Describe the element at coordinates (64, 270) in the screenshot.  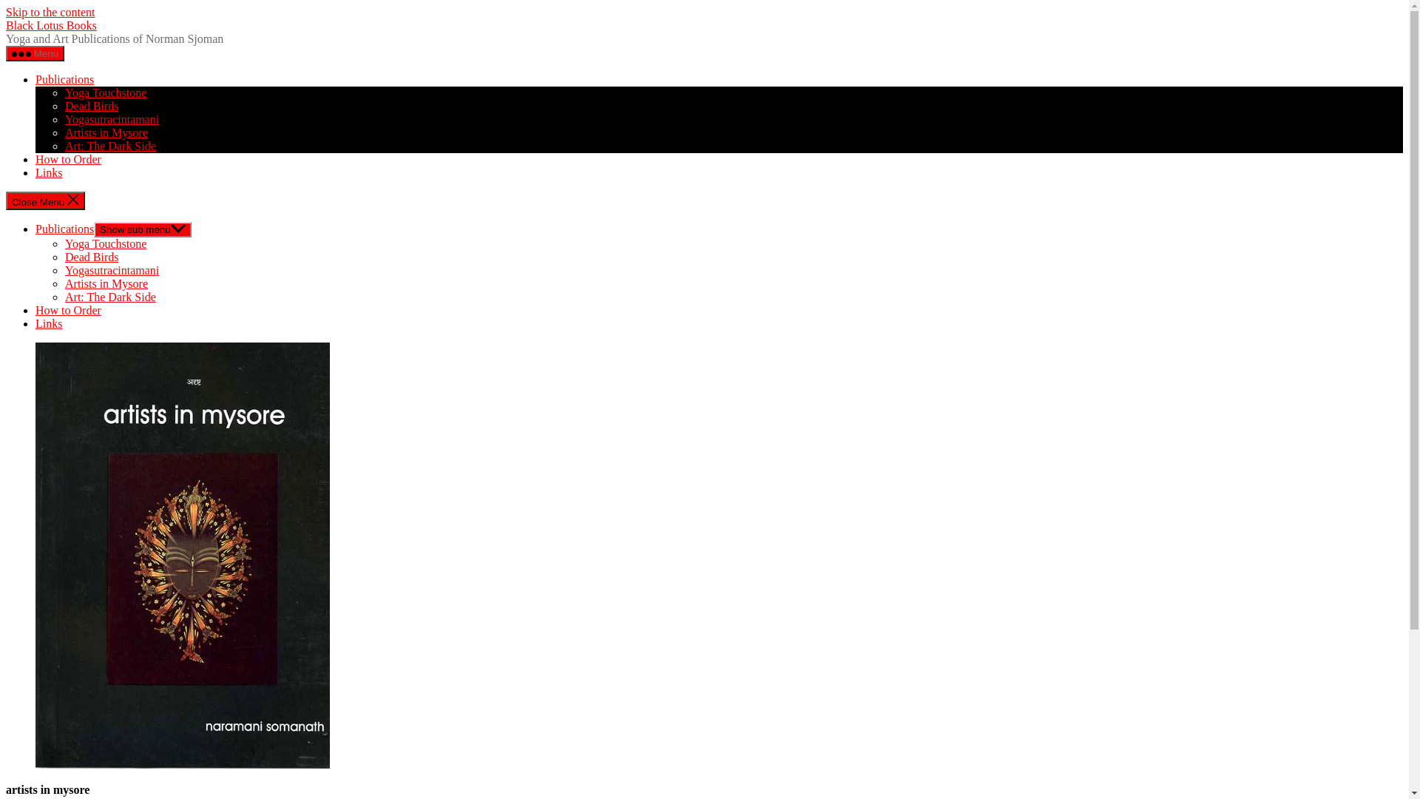
I see `'Yogasutracintamani'` at that location.